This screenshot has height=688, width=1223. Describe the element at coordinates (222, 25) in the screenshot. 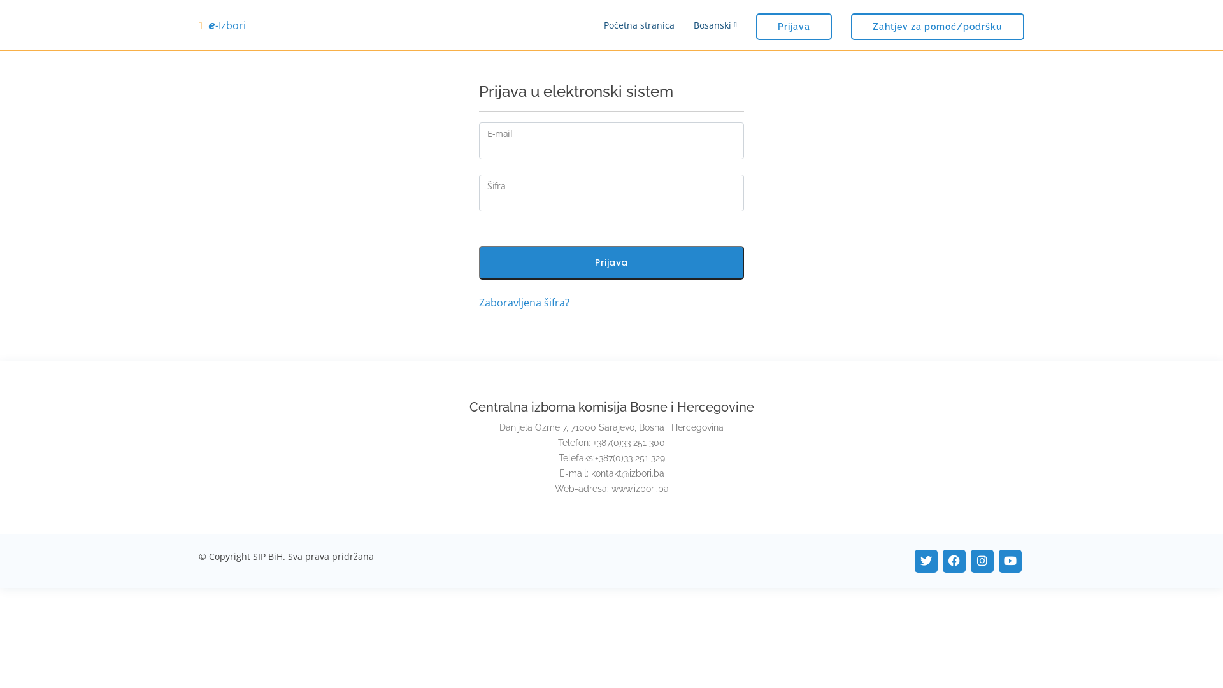

I see `'e-Izbori'` at that location.